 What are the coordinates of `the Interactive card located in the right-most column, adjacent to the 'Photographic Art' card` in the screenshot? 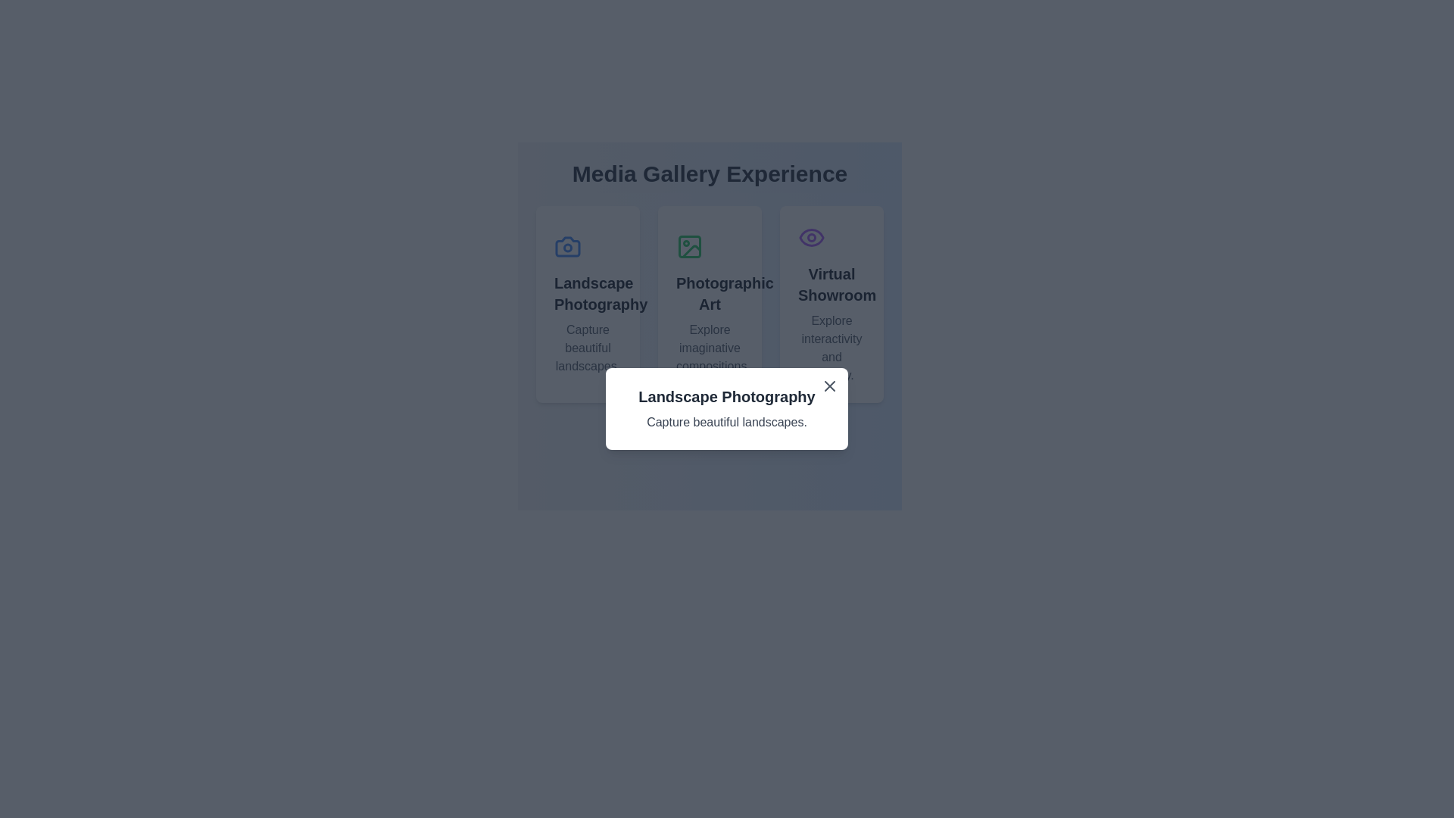 It's located at (831, 304).